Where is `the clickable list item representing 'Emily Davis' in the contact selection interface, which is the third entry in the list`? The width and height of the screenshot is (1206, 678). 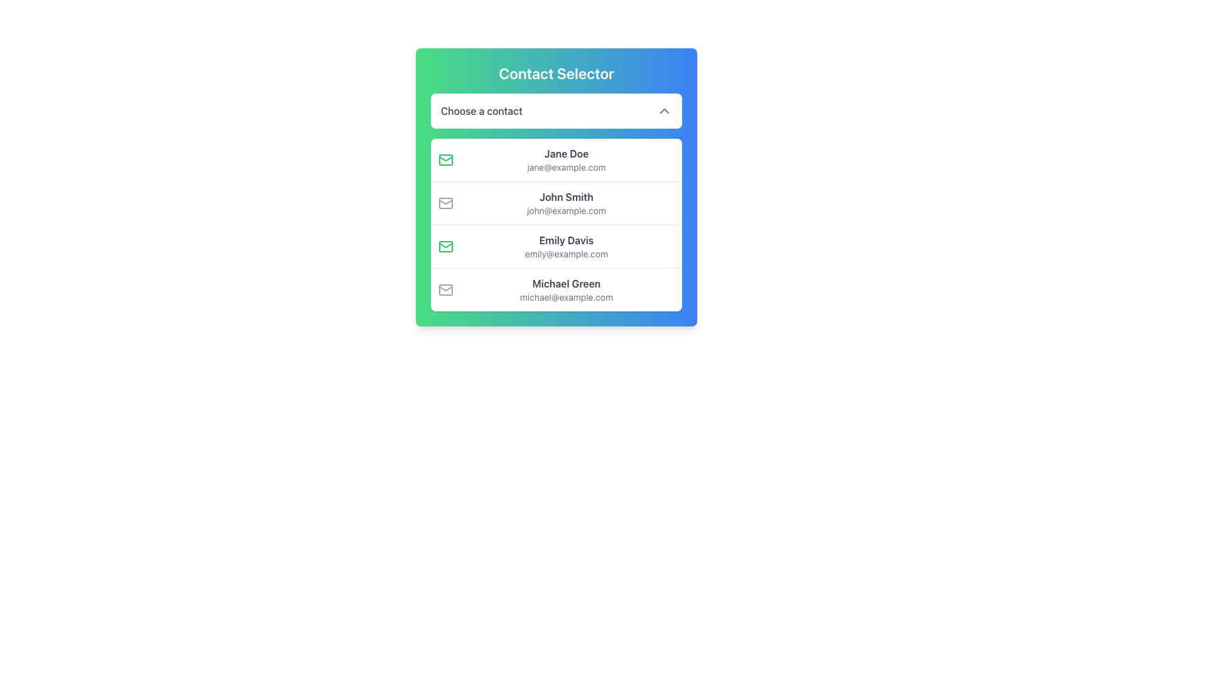 the clickable list item representing 'Emily Davis' in the contact selection interface, which is the third entry in the list is located at coordinates (556, 246).